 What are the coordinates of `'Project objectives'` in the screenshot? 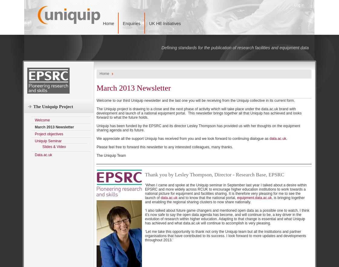 It's located at (49, 134).